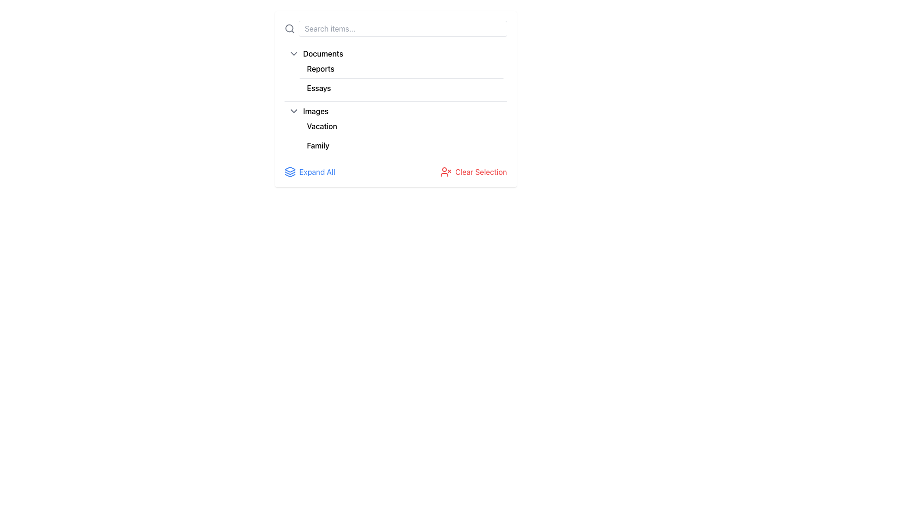 This screenshot has height=509, width=906. I want to click on the 'Expand All' icon, which is located to the left of the button's text in the bottom-left corner of the visible content area, so click(289, 172).